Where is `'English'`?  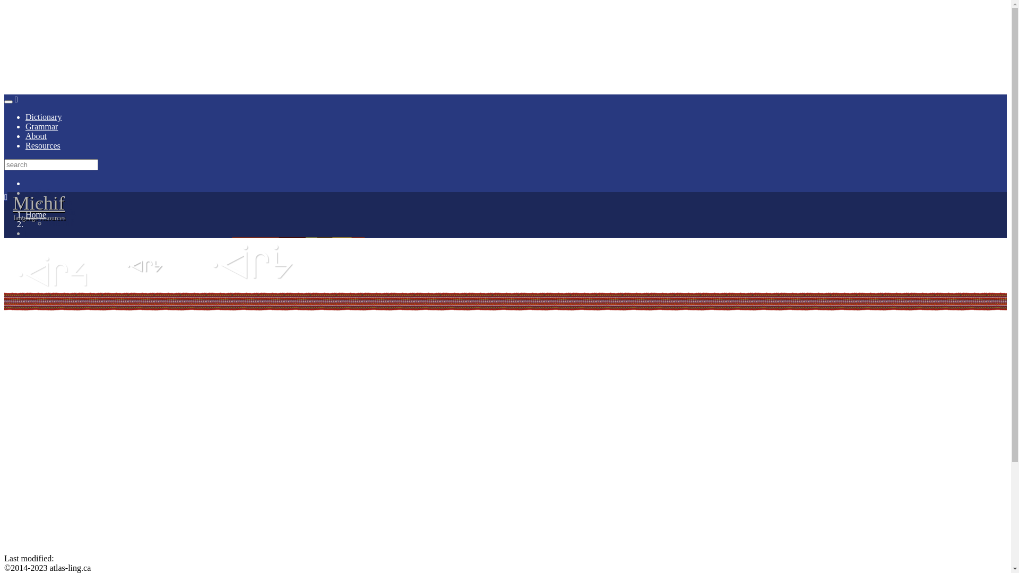
'English' is located at coordinates (46, 202).